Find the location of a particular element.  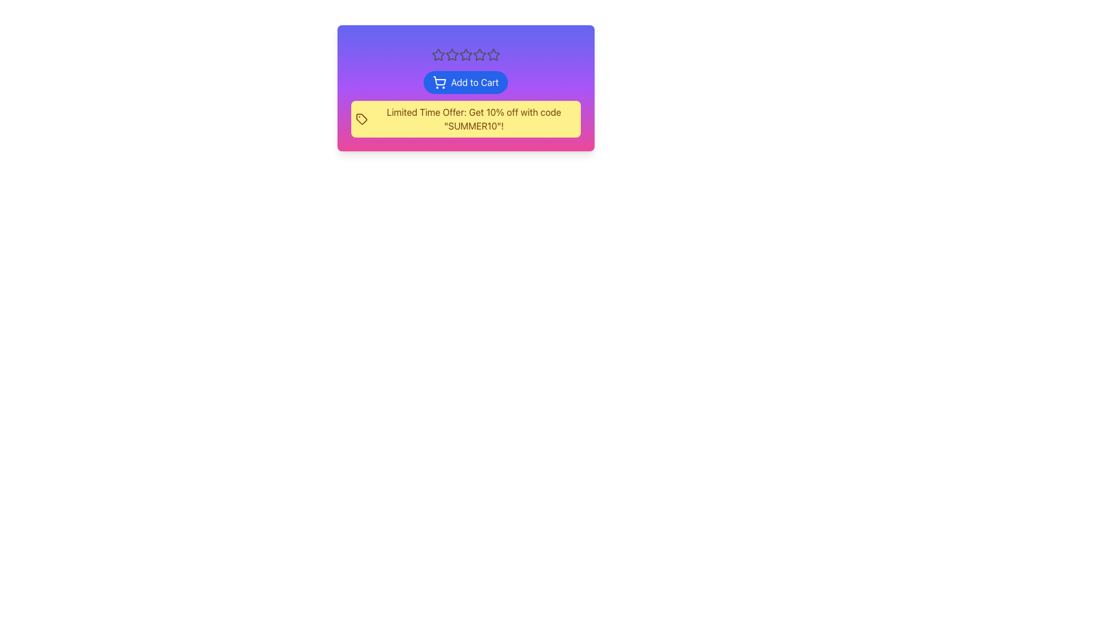

the tag-shaped icon with a dark outline and subdued gold fill, located on the left of a yellow notification bar that contains a discount code message is located at coordinates (360, 119).